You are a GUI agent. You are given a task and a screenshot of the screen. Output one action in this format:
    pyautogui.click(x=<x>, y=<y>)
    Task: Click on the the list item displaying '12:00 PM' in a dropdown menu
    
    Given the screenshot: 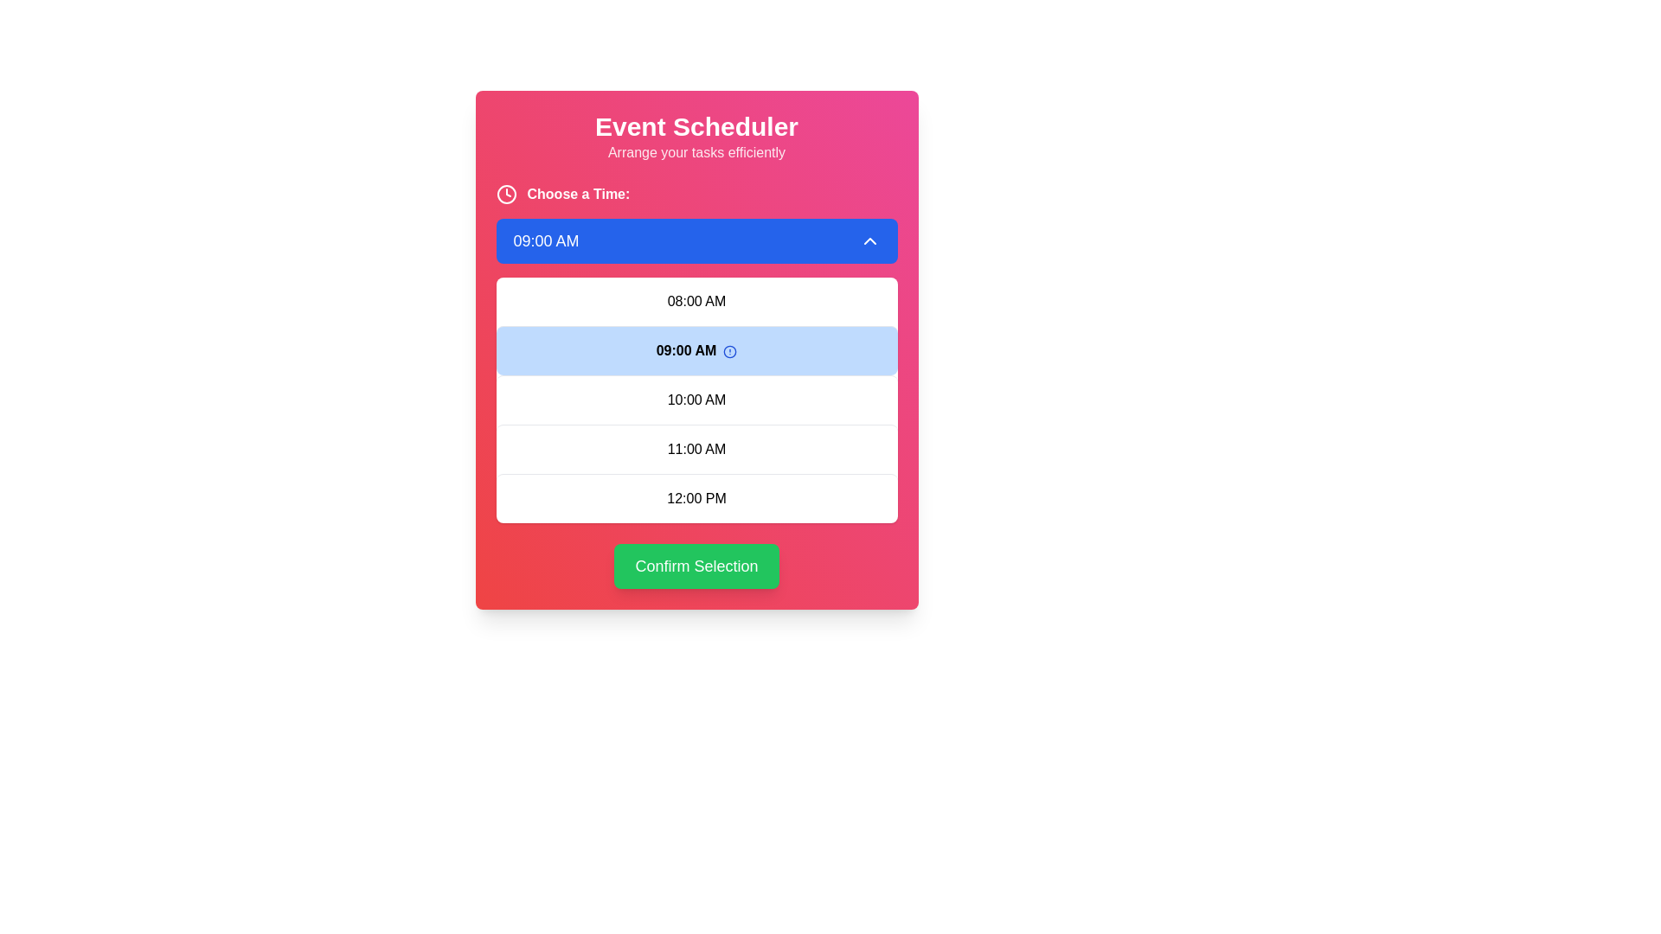 What is the action you would take?
    pyautogui.click(x=696, y=498)
    